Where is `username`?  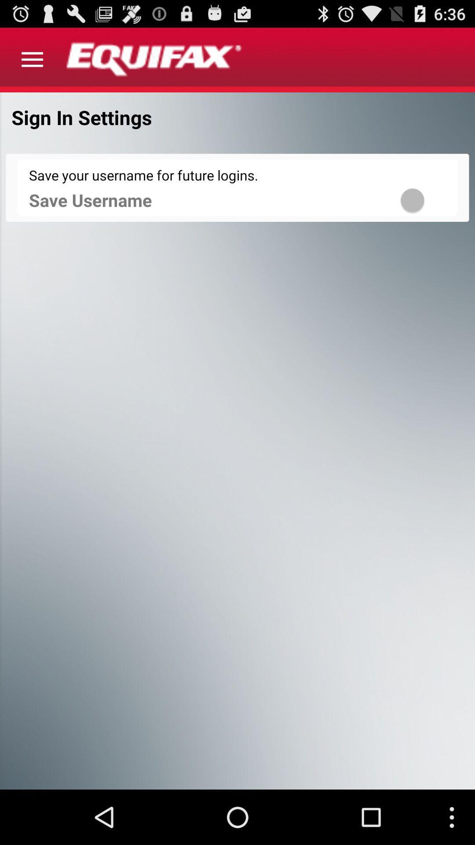
username is located at coordinates (424, 199).